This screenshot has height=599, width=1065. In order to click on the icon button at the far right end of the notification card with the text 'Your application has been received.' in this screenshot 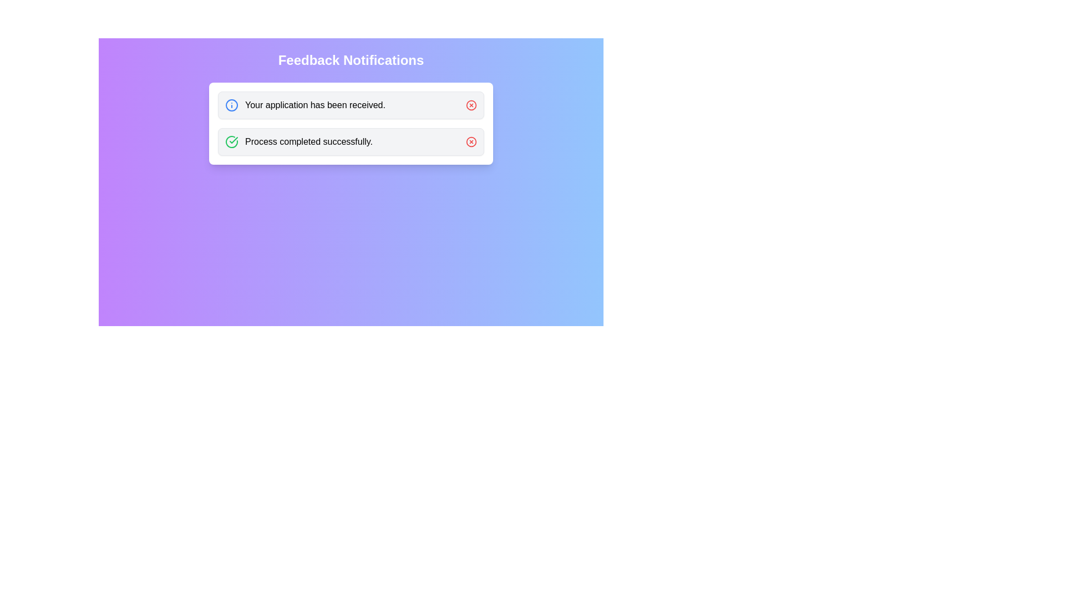, I will do `click(471, 105)`.